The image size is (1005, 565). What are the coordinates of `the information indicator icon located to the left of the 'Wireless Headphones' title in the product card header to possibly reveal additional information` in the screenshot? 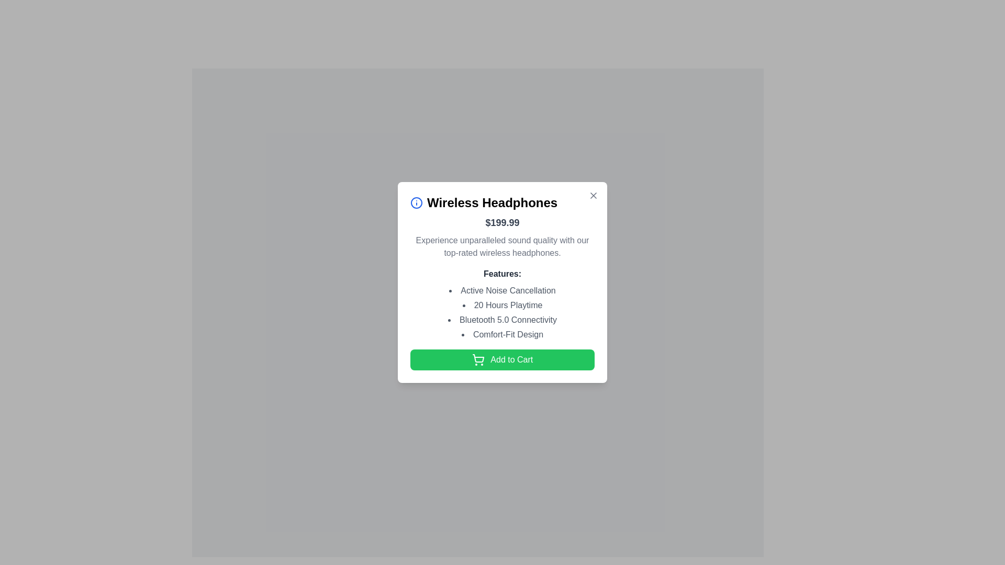 It's located at (416, 202).